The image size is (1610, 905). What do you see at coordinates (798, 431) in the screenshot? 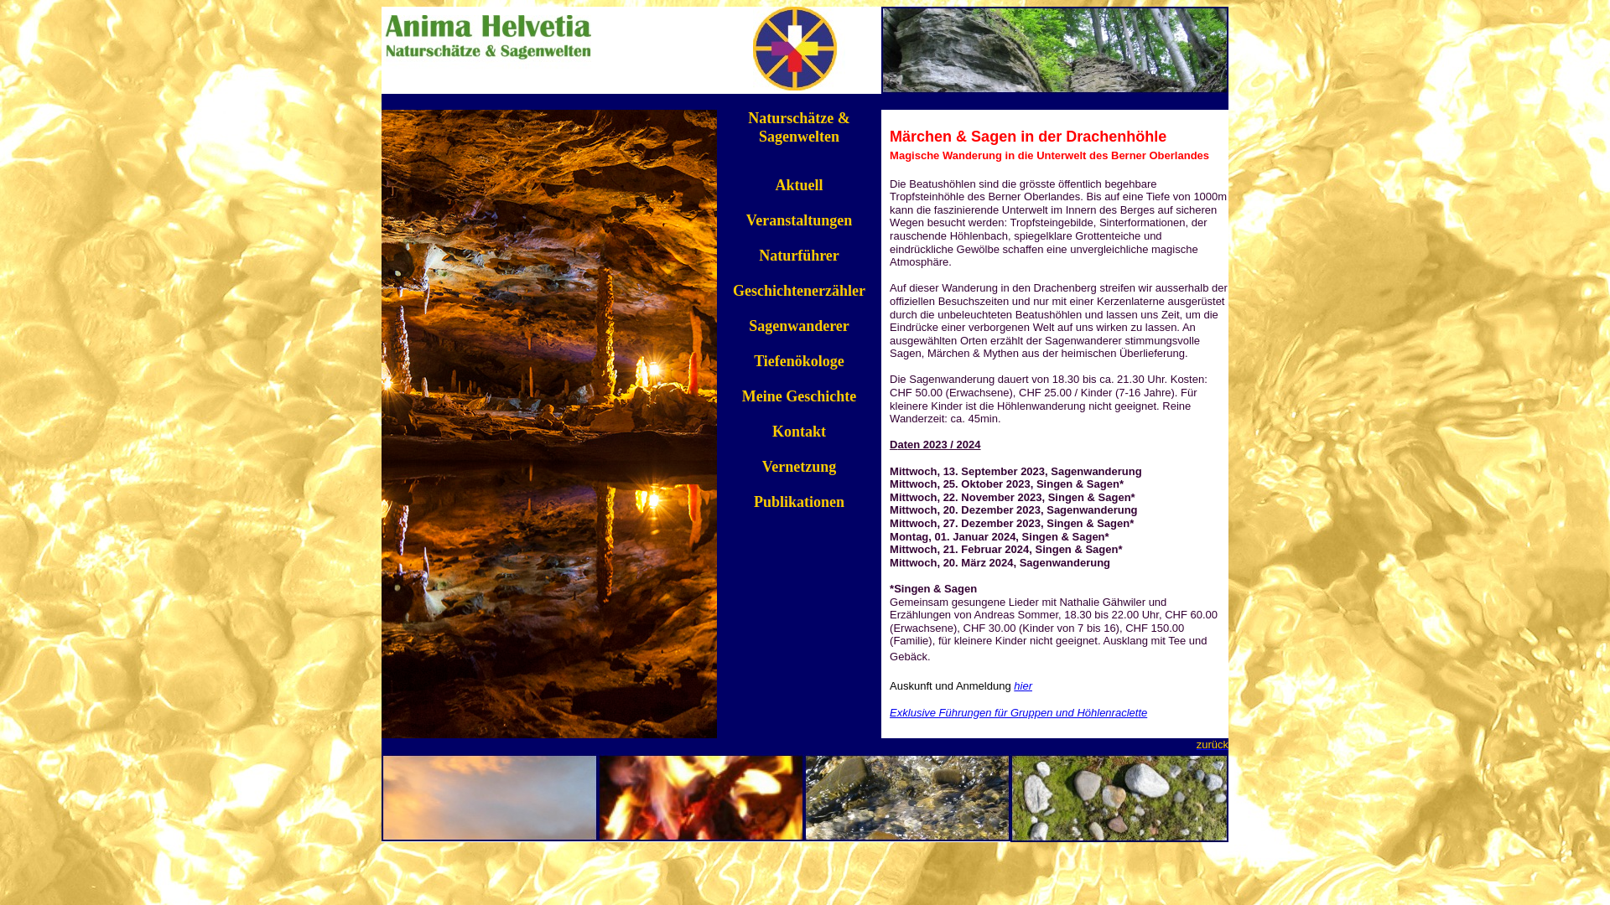
I see `'Kontakt'` at bounding box center [798, 431].